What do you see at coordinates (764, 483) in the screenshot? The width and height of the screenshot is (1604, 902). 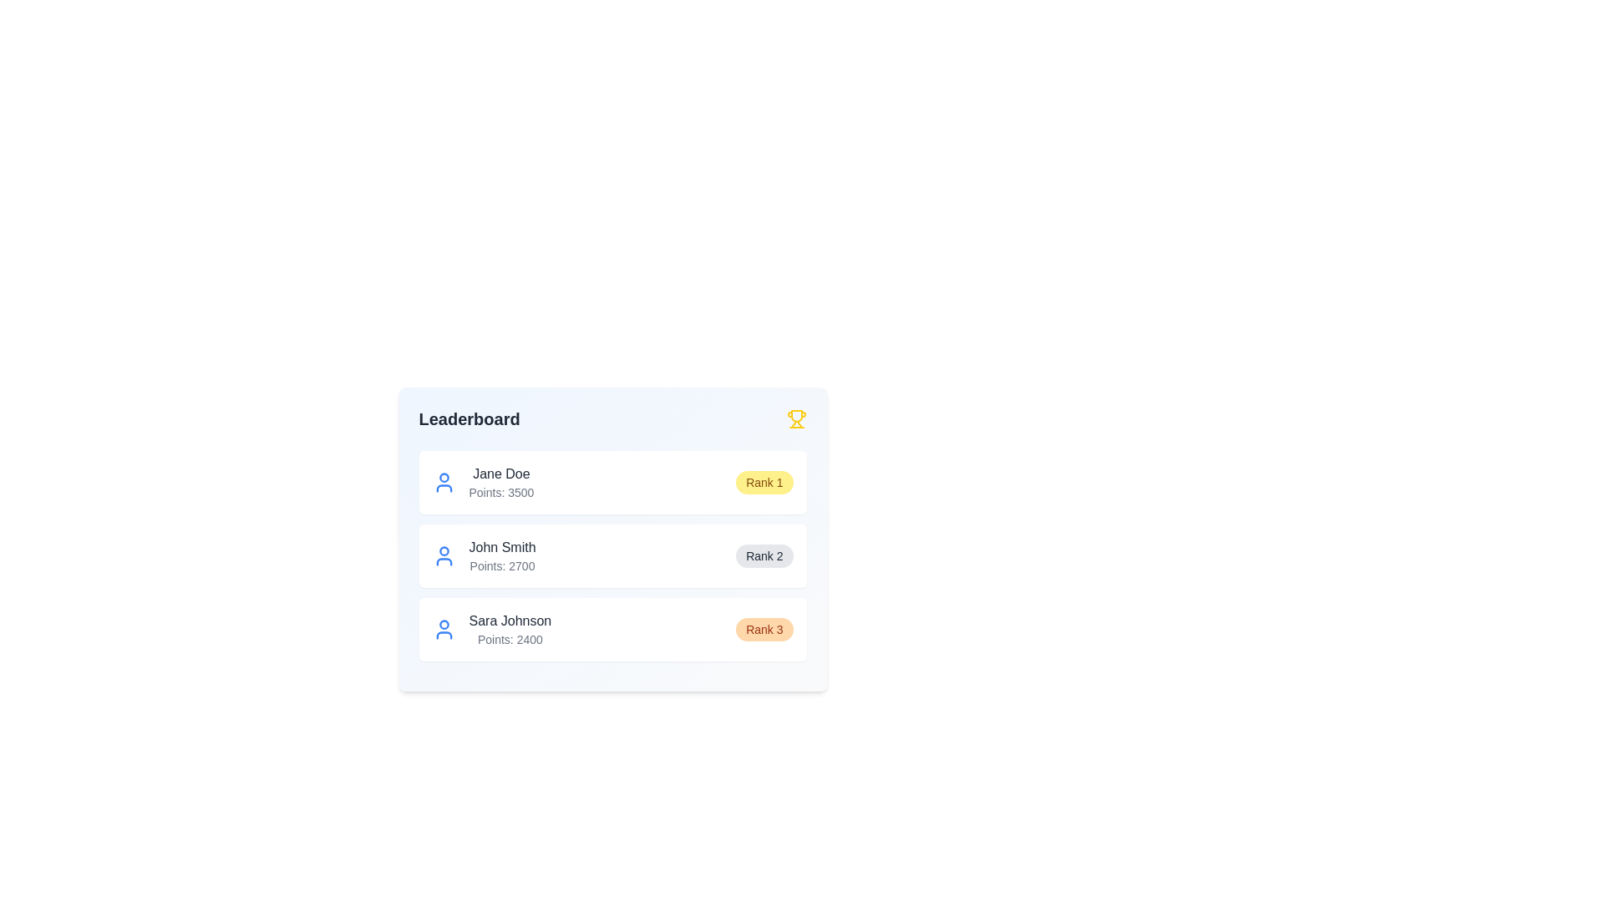 I see `the 'Rank 1' badge, a pill-shaped element with a yellow background, located at the top-right corner of the leaderboard card for user 'Jane Doe'` at bounding box center [764, 483].